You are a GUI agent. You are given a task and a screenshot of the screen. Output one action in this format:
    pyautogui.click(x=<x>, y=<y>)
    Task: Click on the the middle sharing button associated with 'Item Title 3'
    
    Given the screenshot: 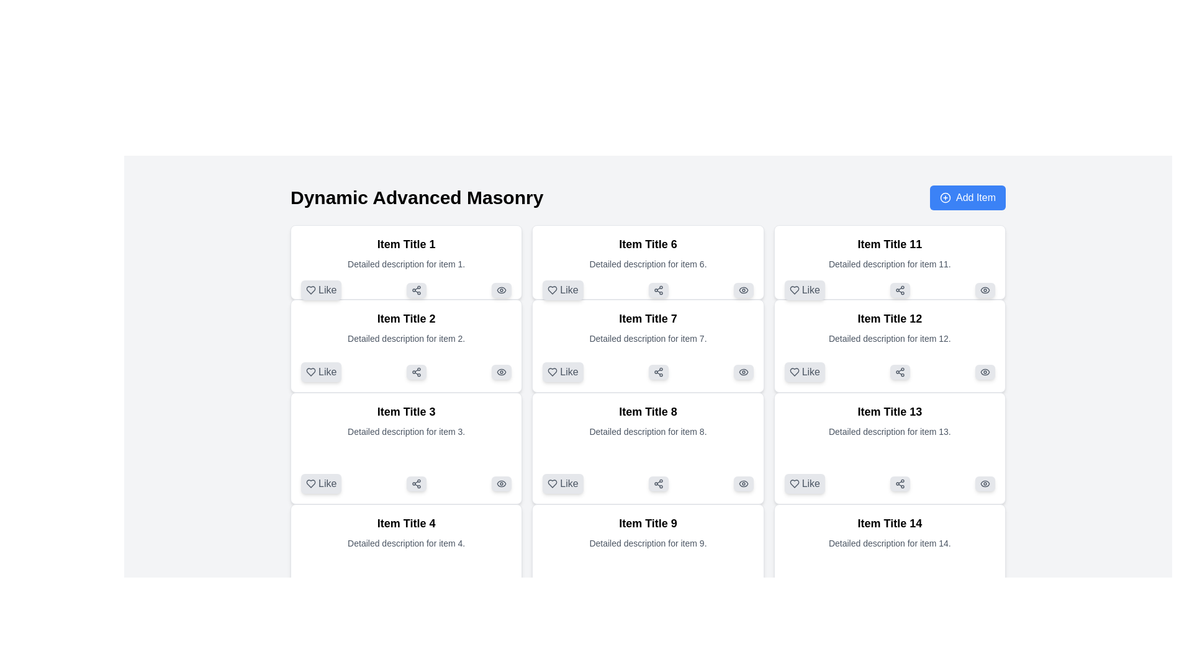 What is the action you would take?
    pyautogui.click(x=406, y=483)
    